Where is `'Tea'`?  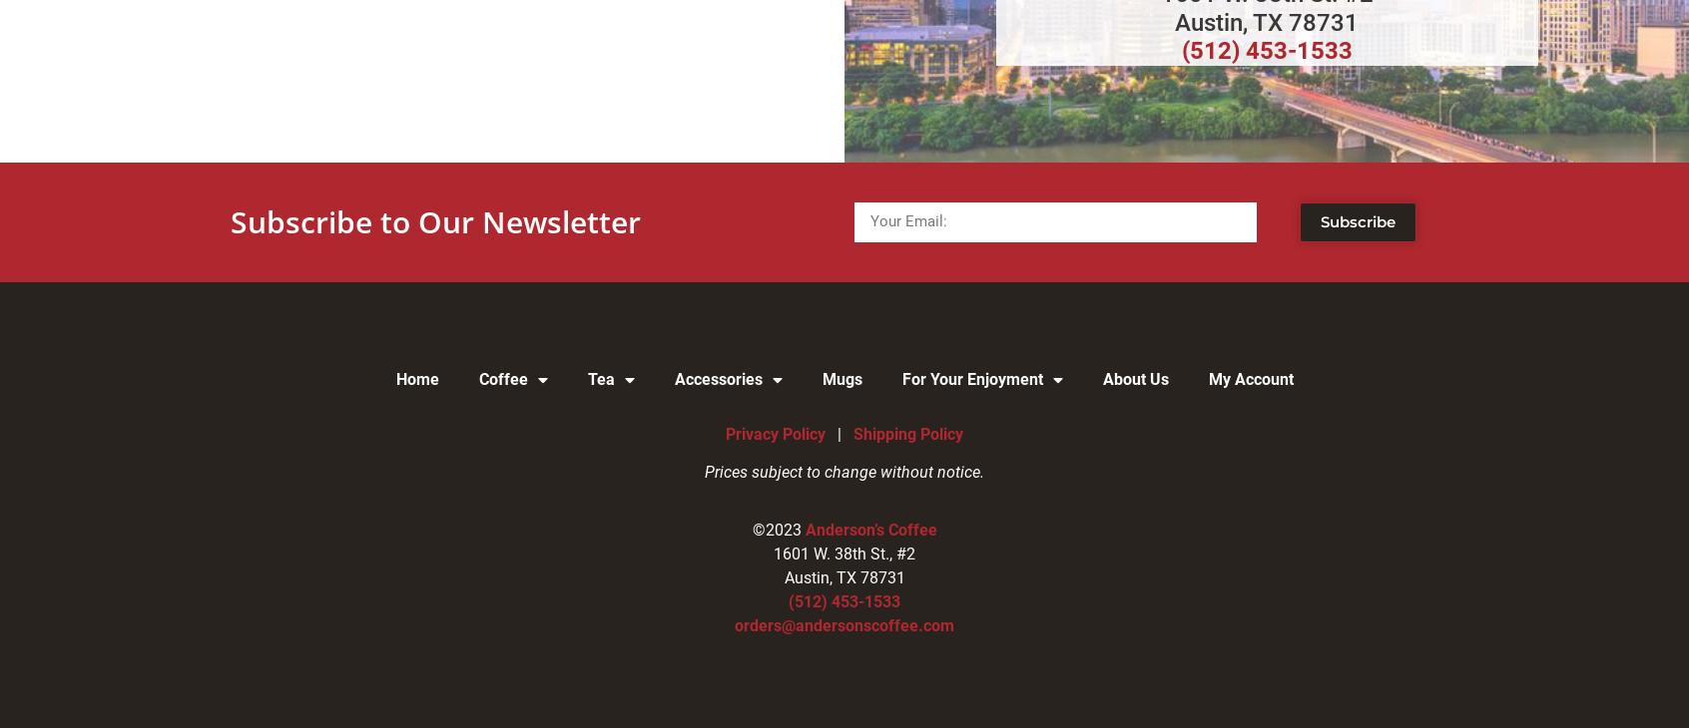
'Tea' is located at coordinates (599, 377).